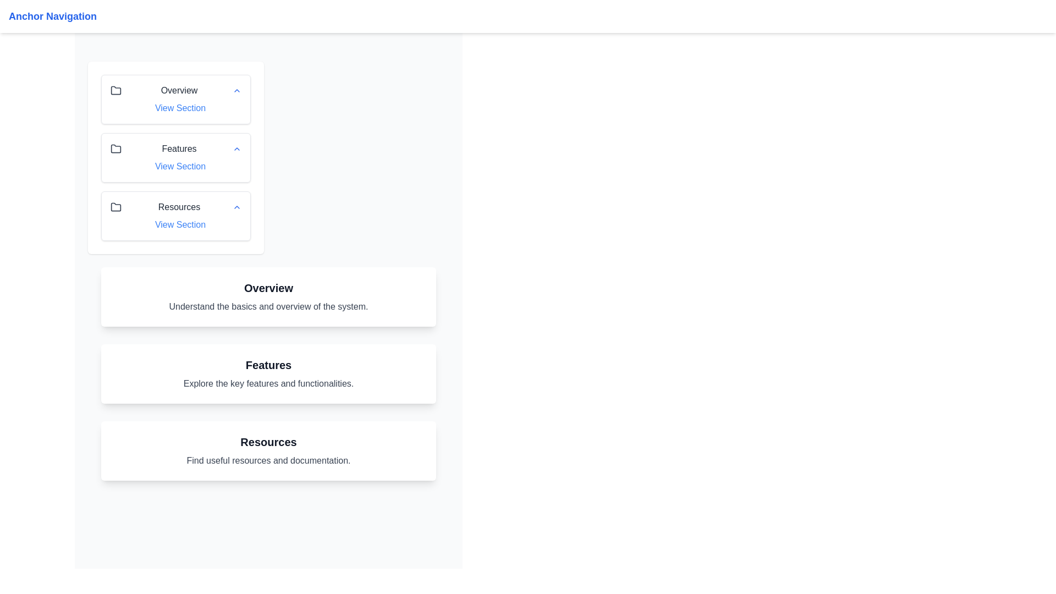 This screenshot has width=1056, height=594. Describe the element at coordinates (179, 90) in the screenshot. I see `the 'Overview' static text label in the left sidebar navigation panel` at that location.